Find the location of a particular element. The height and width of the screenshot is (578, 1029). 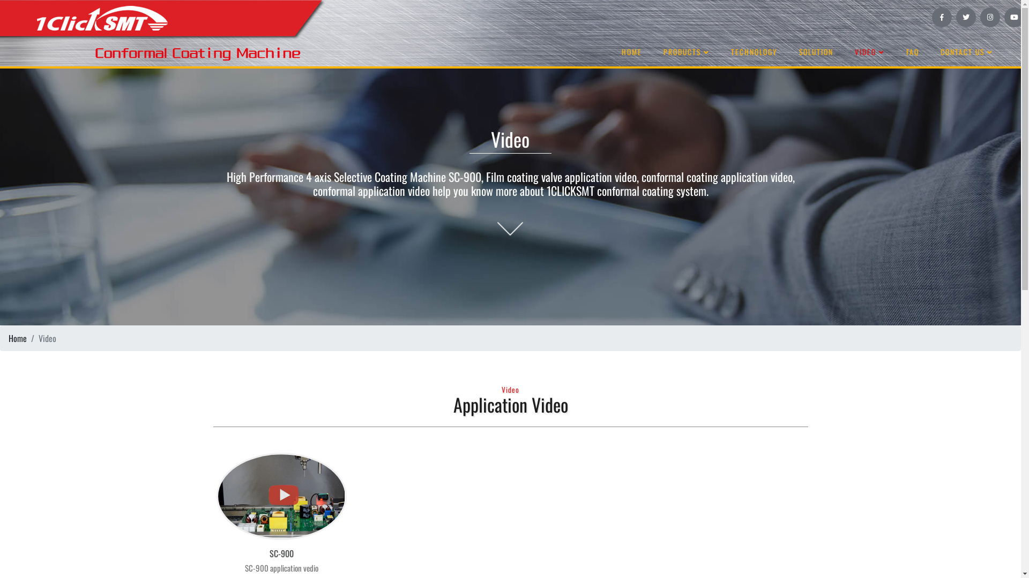

'SOLUTION' is located at coordinates (815, 52).